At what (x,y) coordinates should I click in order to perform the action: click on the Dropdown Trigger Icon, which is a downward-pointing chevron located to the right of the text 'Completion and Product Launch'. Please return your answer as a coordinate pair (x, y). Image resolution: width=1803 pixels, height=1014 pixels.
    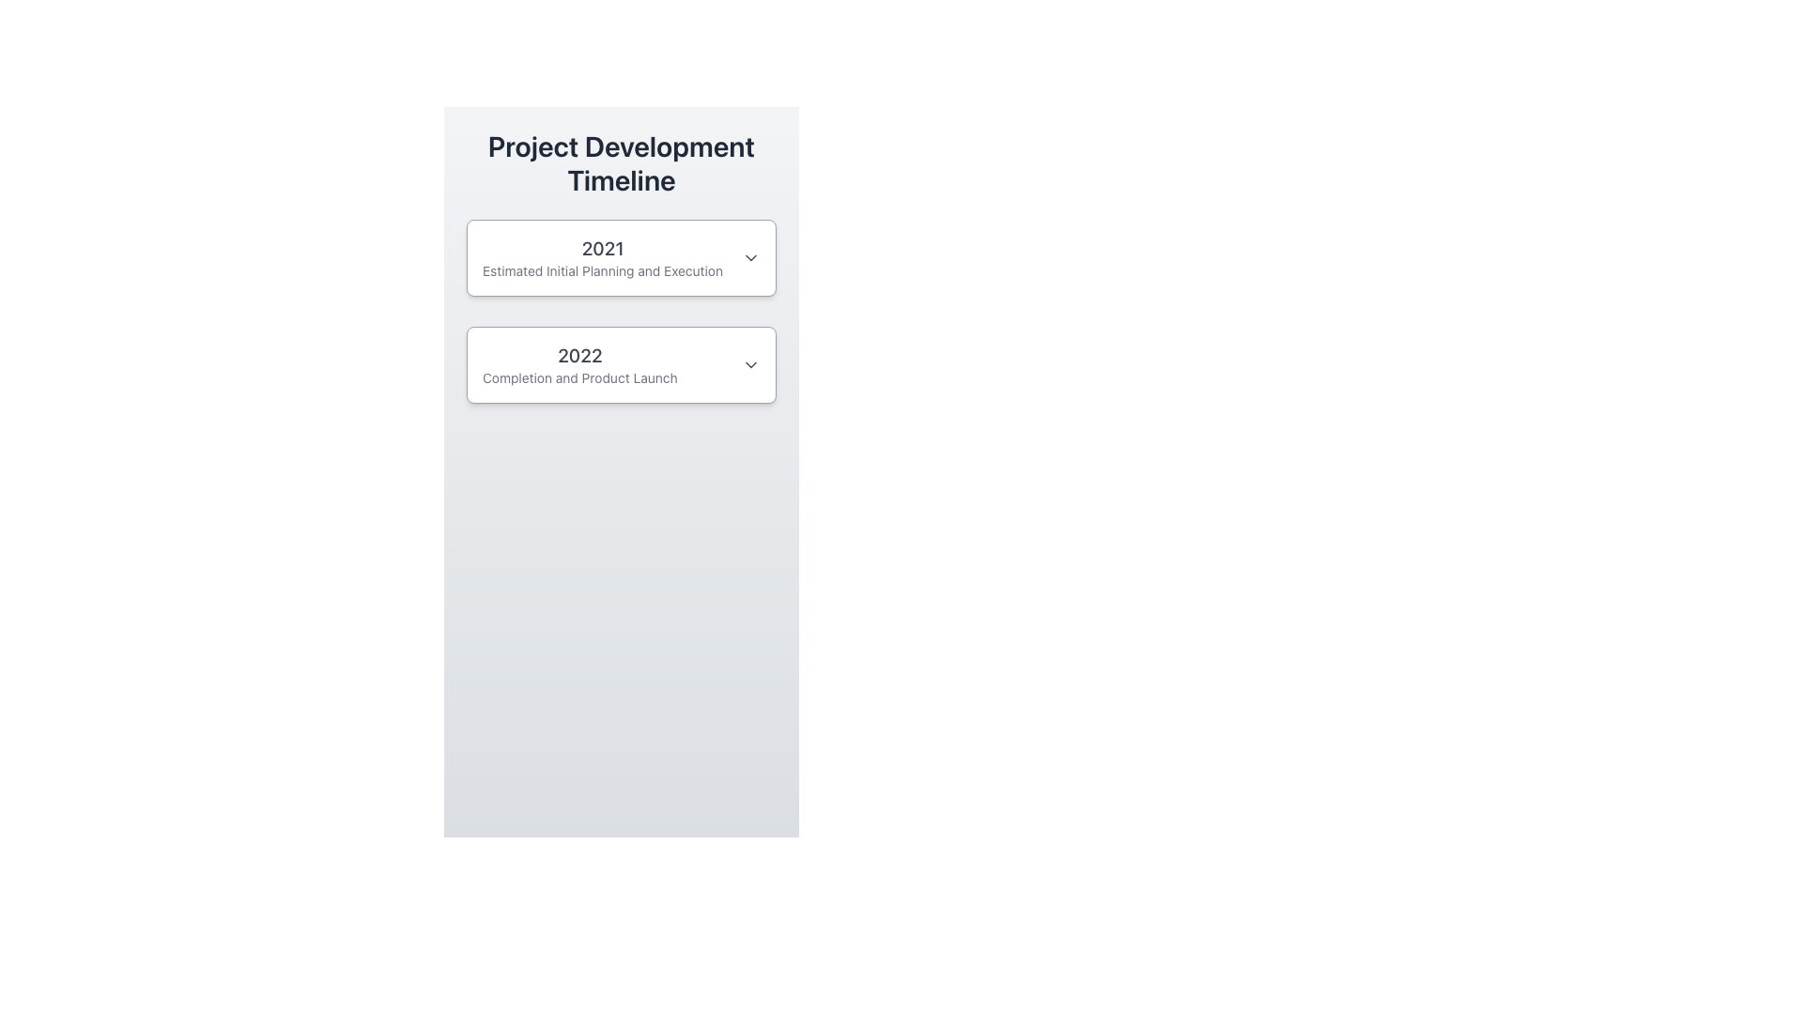
    Looking at the image, I should click on (751, 365).